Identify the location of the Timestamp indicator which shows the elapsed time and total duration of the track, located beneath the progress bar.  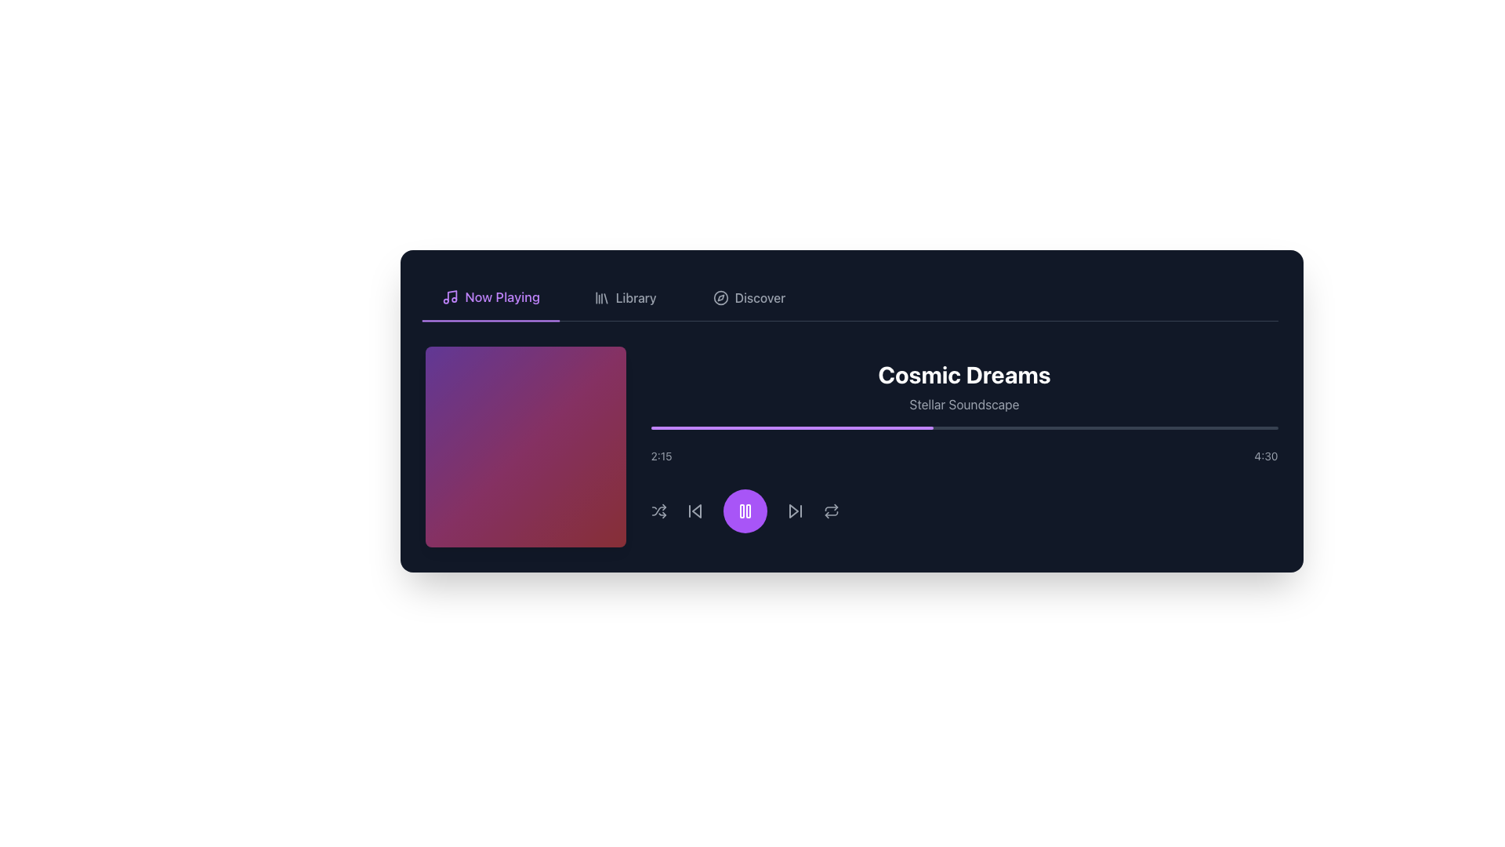
(963, 456).